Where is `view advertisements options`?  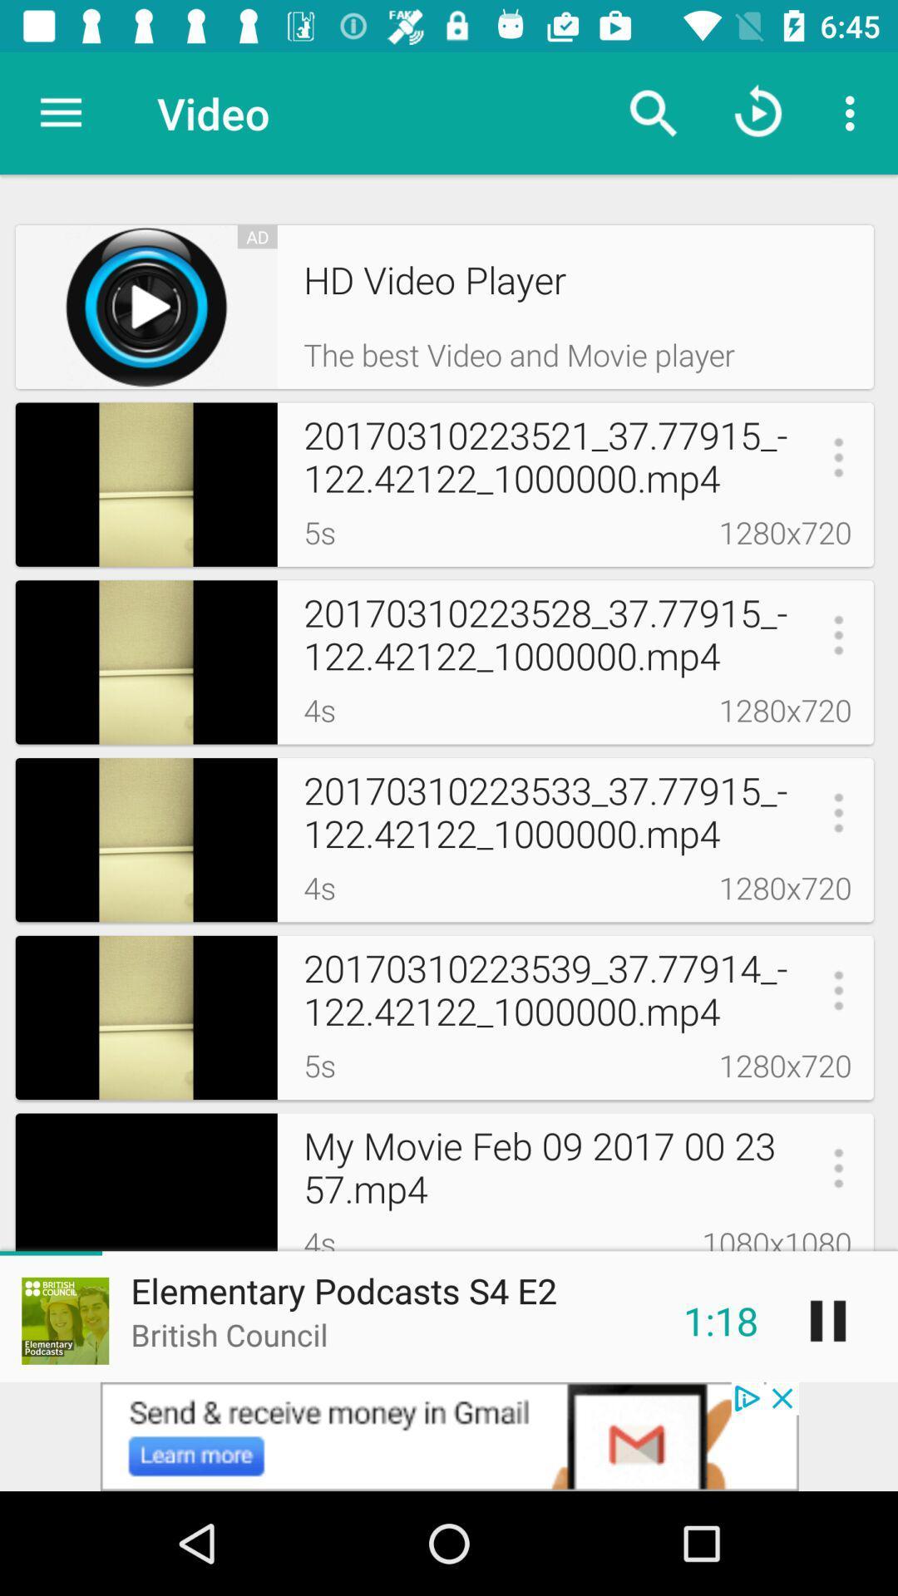 view advertisements options is located at coordinates (449, 1436).